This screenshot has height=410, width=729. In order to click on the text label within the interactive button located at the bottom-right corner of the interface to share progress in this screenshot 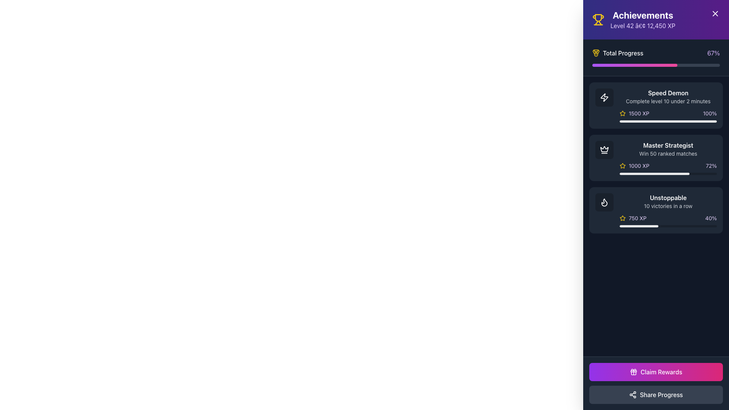, I will do `click(661, 394)`.